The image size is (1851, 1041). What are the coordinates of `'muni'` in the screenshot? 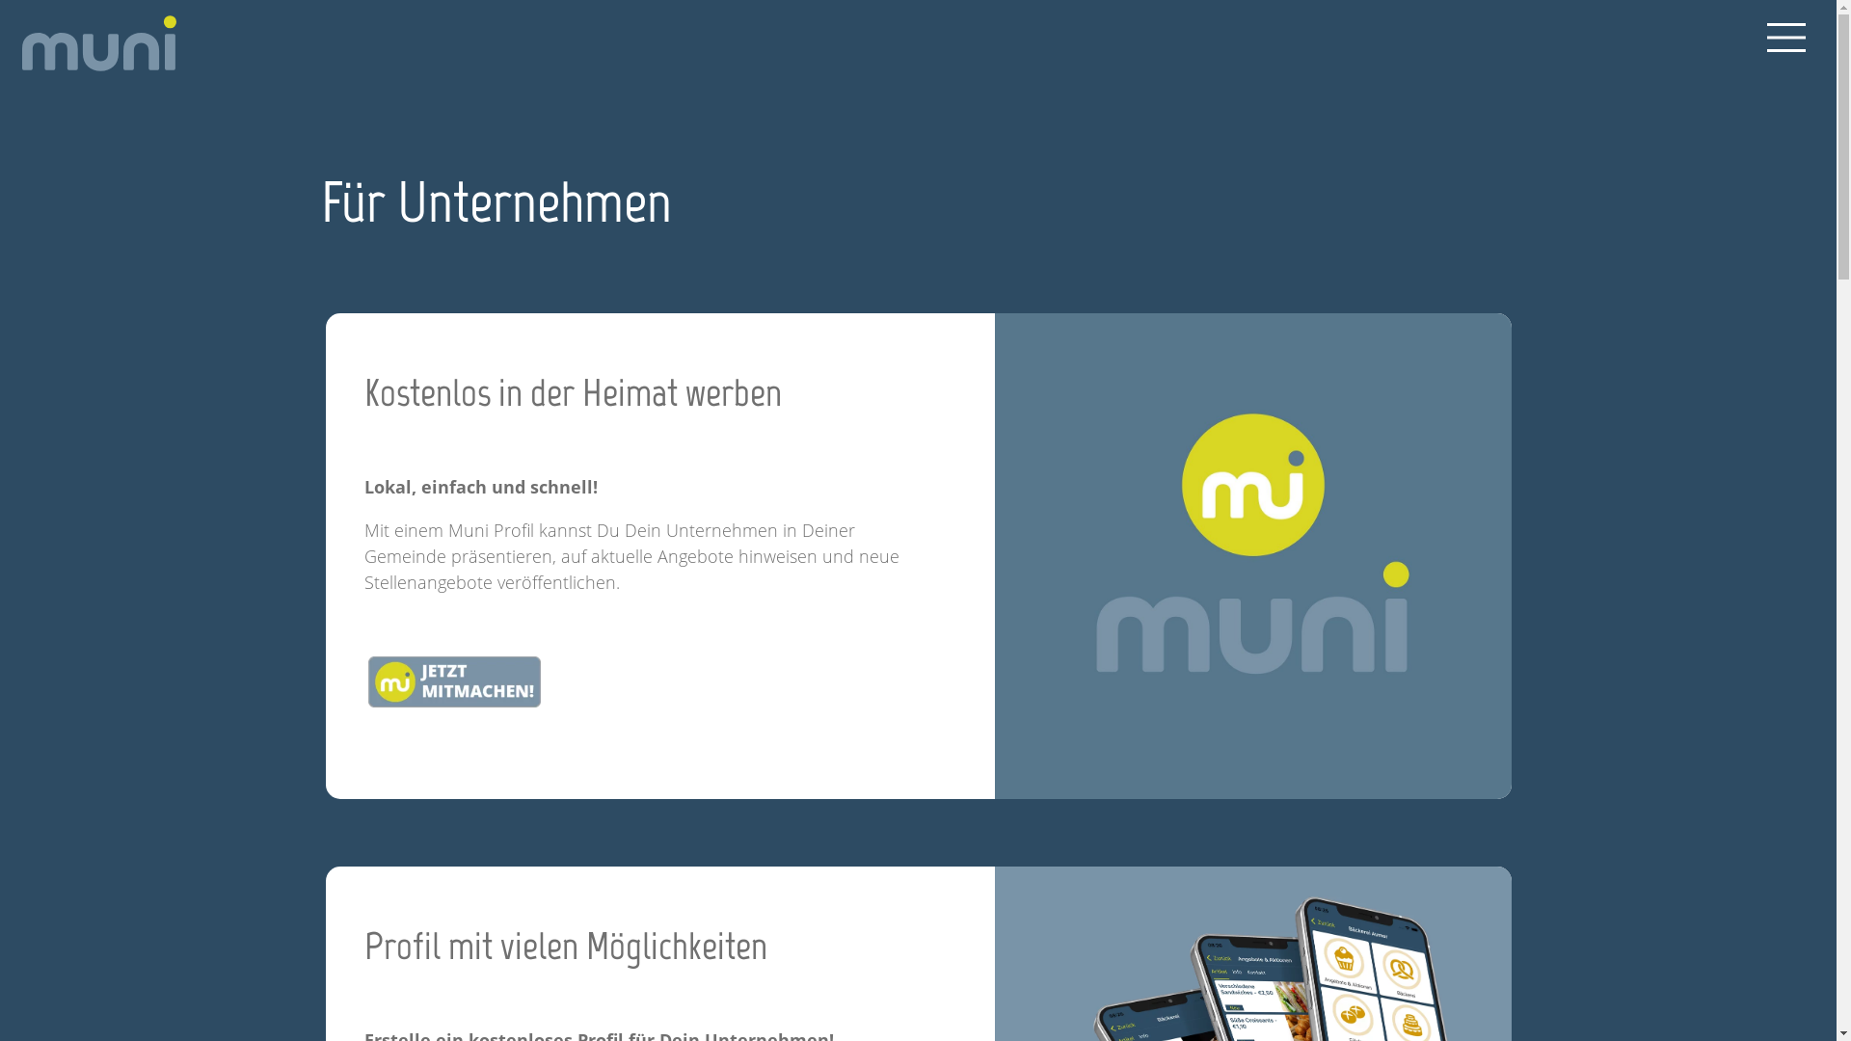 It's located at (96, 43).